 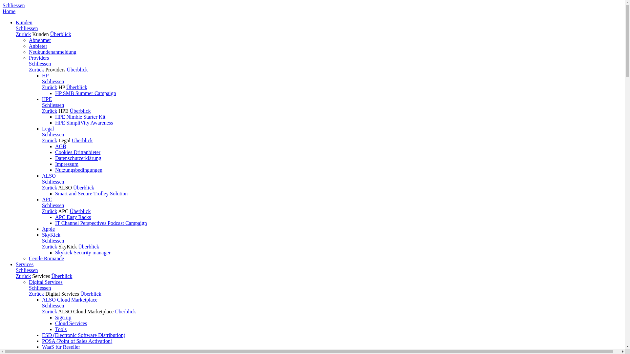 I want to click on 'POSA (Point of Sales Activation)', so click(x=42, y=341).